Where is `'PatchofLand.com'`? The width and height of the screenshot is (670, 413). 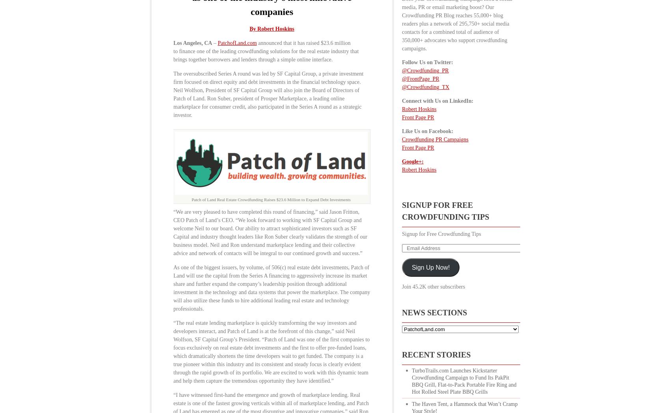 'PatchofLand.com' is located at coordinates (236, 43).